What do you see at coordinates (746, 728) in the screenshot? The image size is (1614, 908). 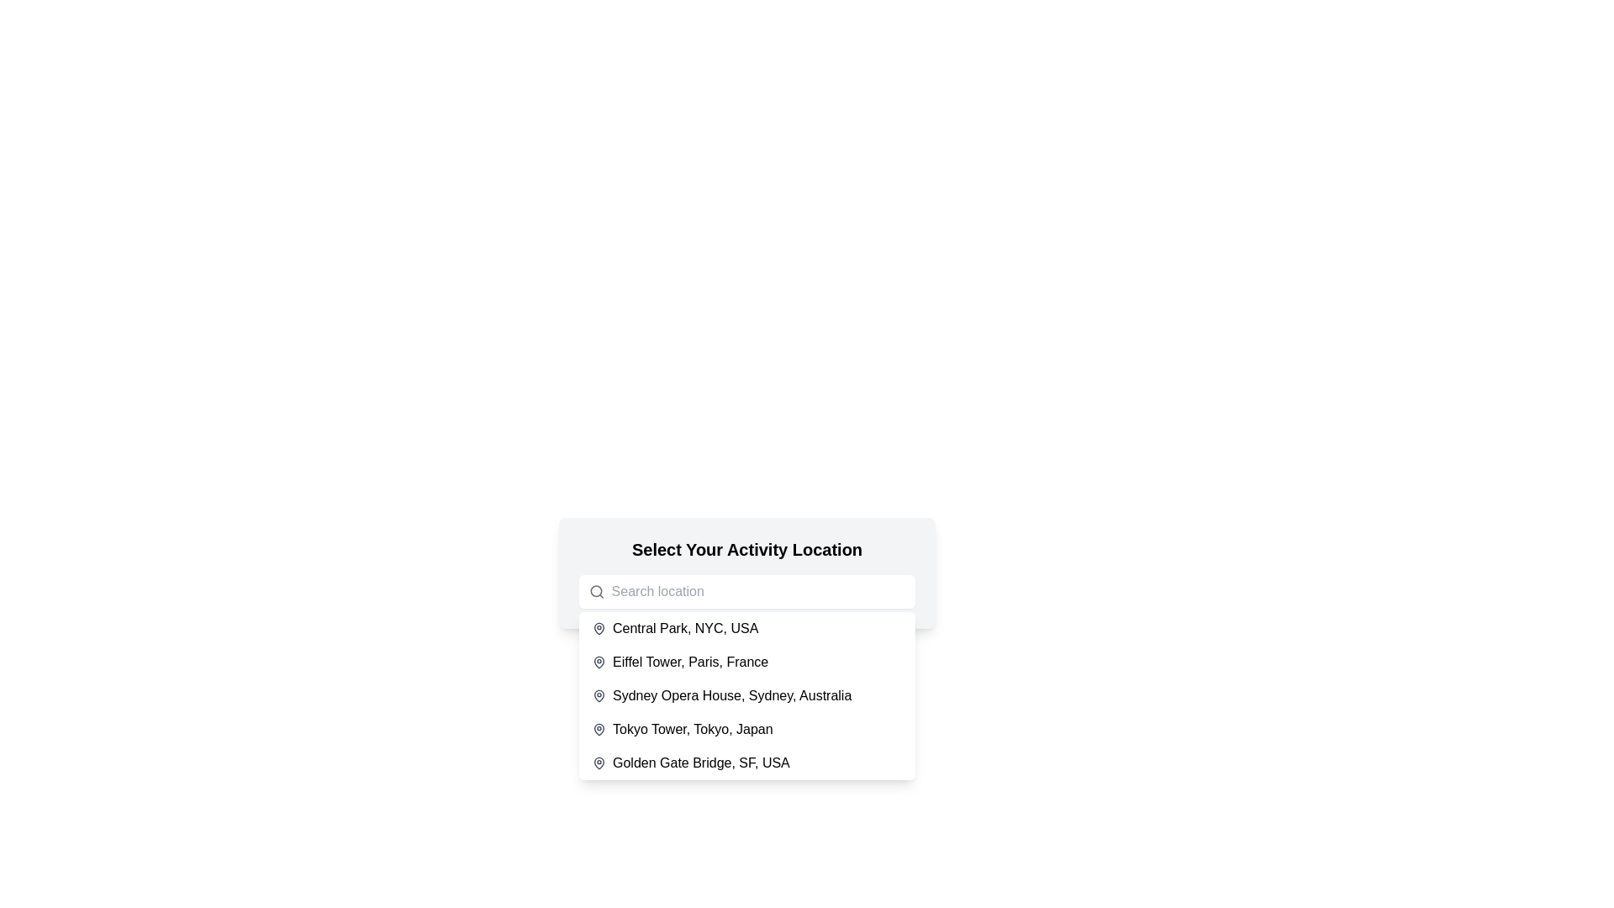 I see `the list item in the dropdown menu that reads 'Tokyo Tower, Tokyo, Japan'` at bounding box center [746, 728].